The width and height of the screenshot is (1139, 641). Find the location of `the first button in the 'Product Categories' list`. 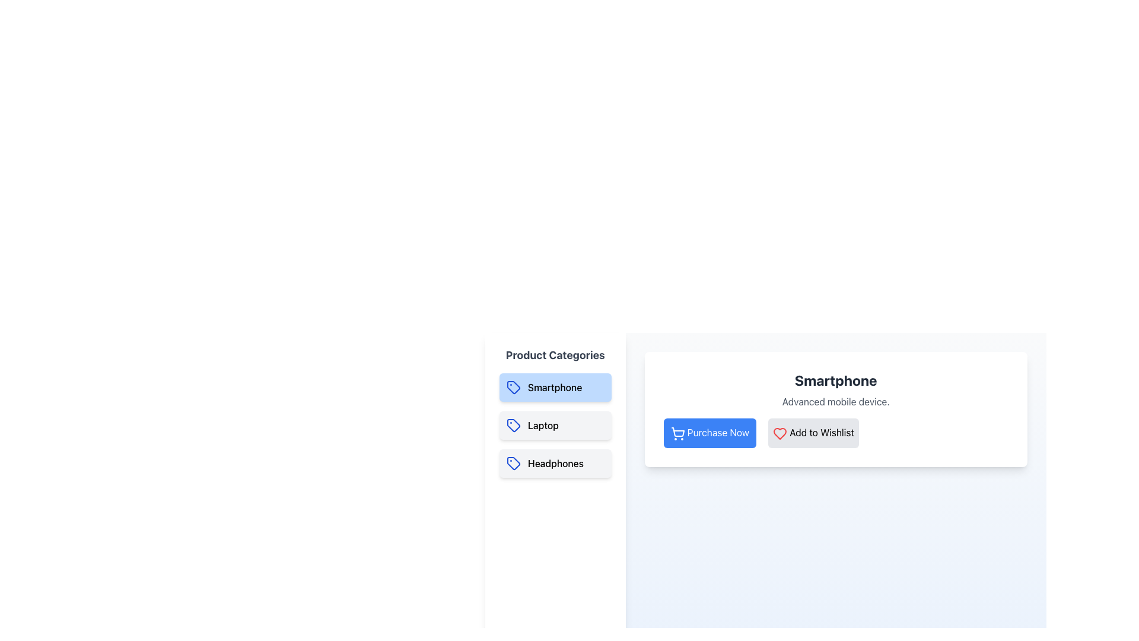

the first button in the 'Product Categories' list is located at coordinates (555, 387).